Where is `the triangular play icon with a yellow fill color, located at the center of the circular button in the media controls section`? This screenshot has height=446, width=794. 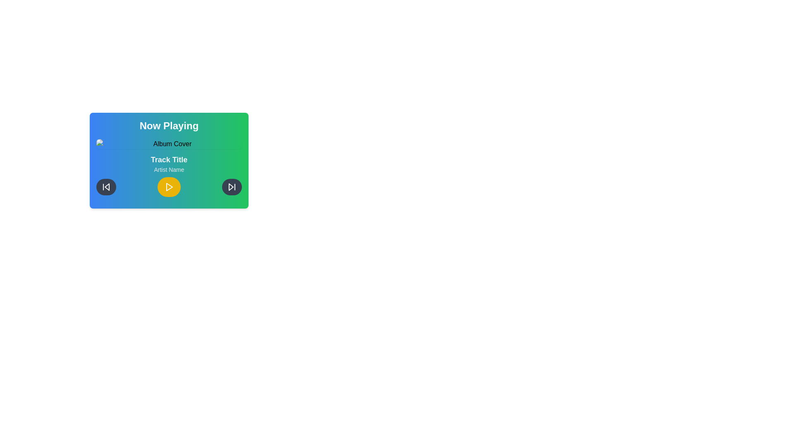
the triangular play icon with a yellow fill color, located at the center of the circular button in the media controls section is located at coordinates (168, 187).